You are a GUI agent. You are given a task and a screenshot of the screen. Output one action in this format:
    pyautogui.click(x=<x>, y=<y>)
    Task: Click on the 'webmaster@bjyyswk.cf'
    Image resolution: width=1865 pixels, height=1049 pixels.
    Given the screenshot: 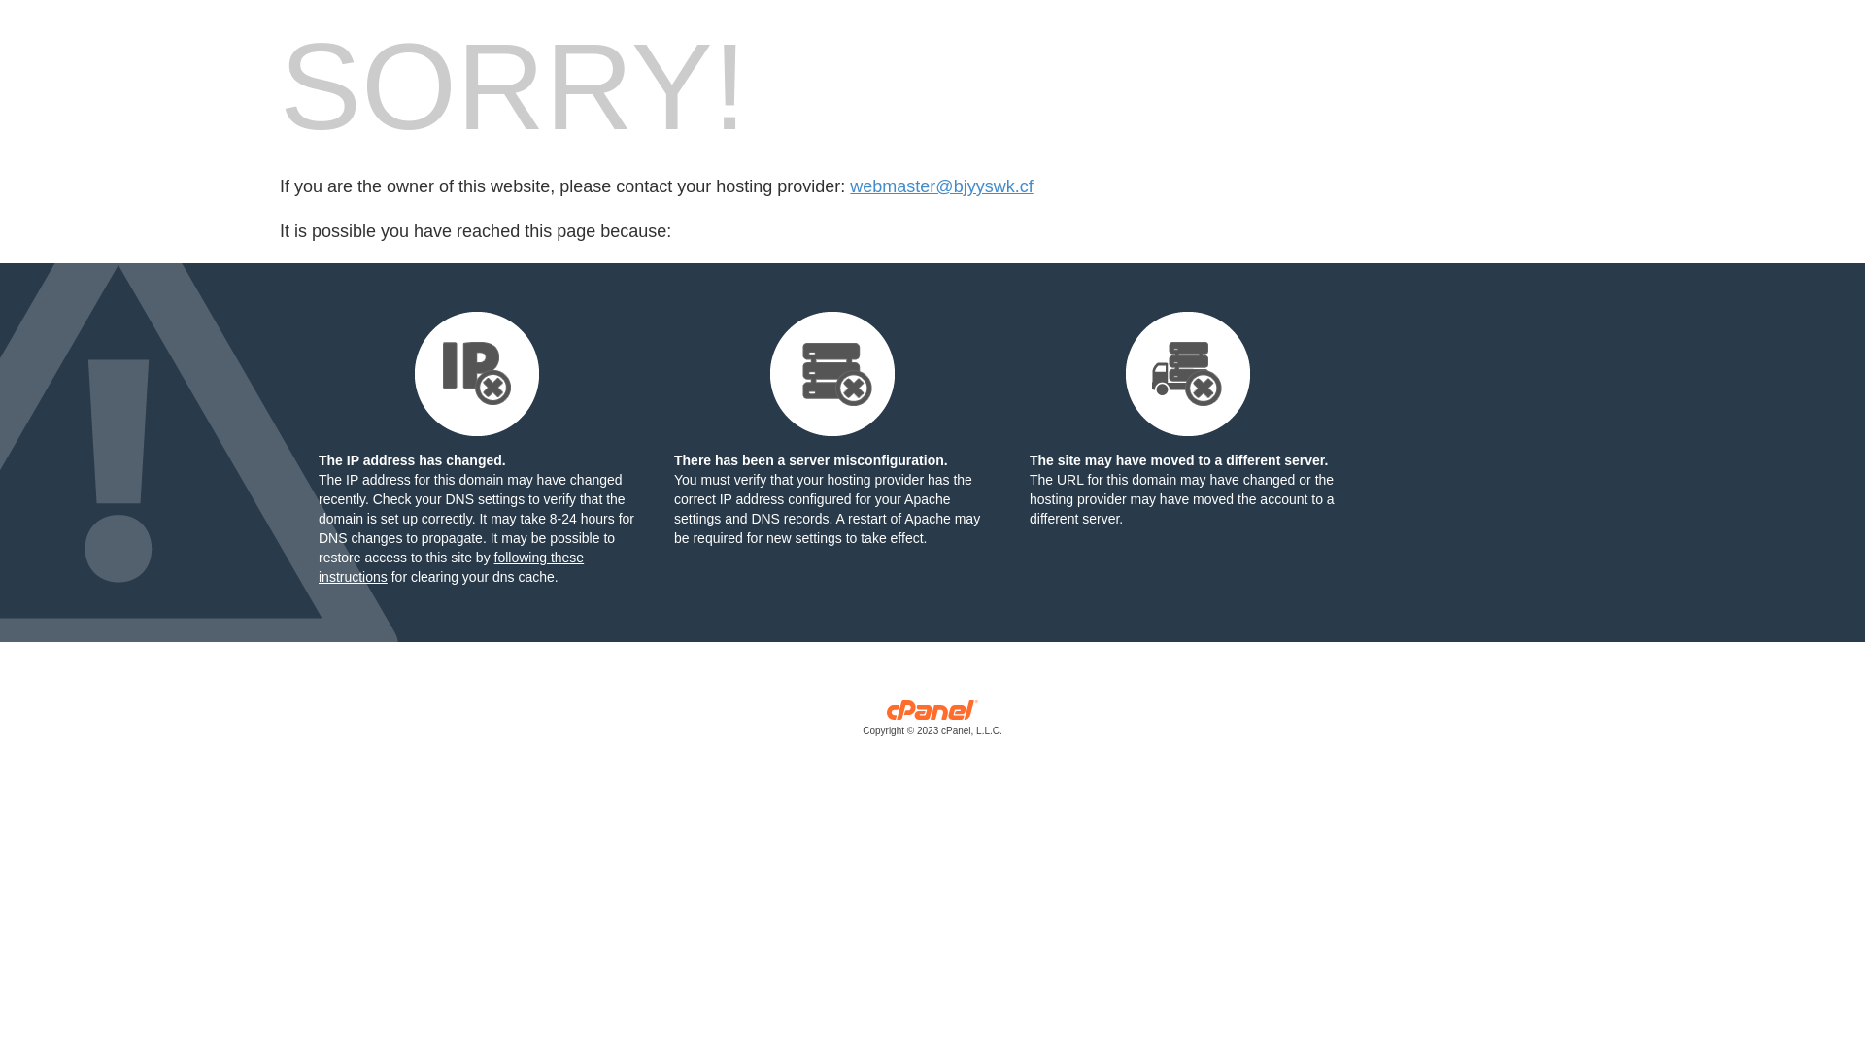 What is the action you would take?
    pyautogui.click(x=941, y=186)
    